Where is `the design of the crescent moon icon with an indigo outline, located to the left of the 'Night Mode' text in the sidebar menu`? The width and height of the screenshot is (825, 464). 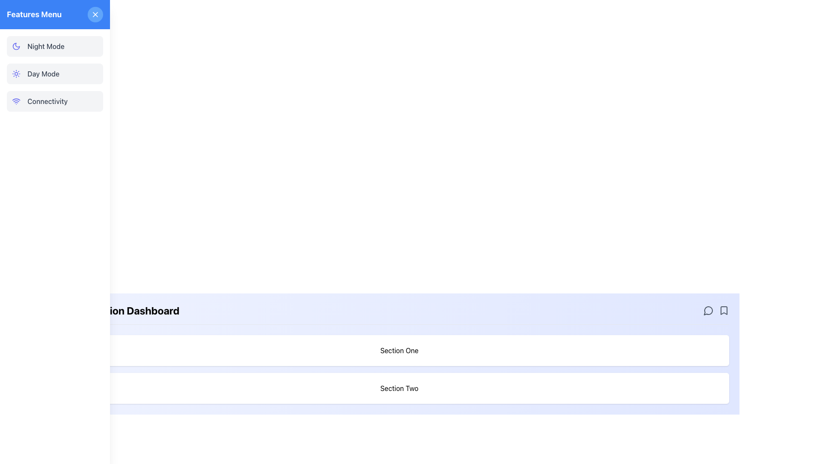 the design of the crescent moon icon with an indigo outline, located to the left of the 'Night Mode' text in the sidebar menu is located at coordinates (16, 46).